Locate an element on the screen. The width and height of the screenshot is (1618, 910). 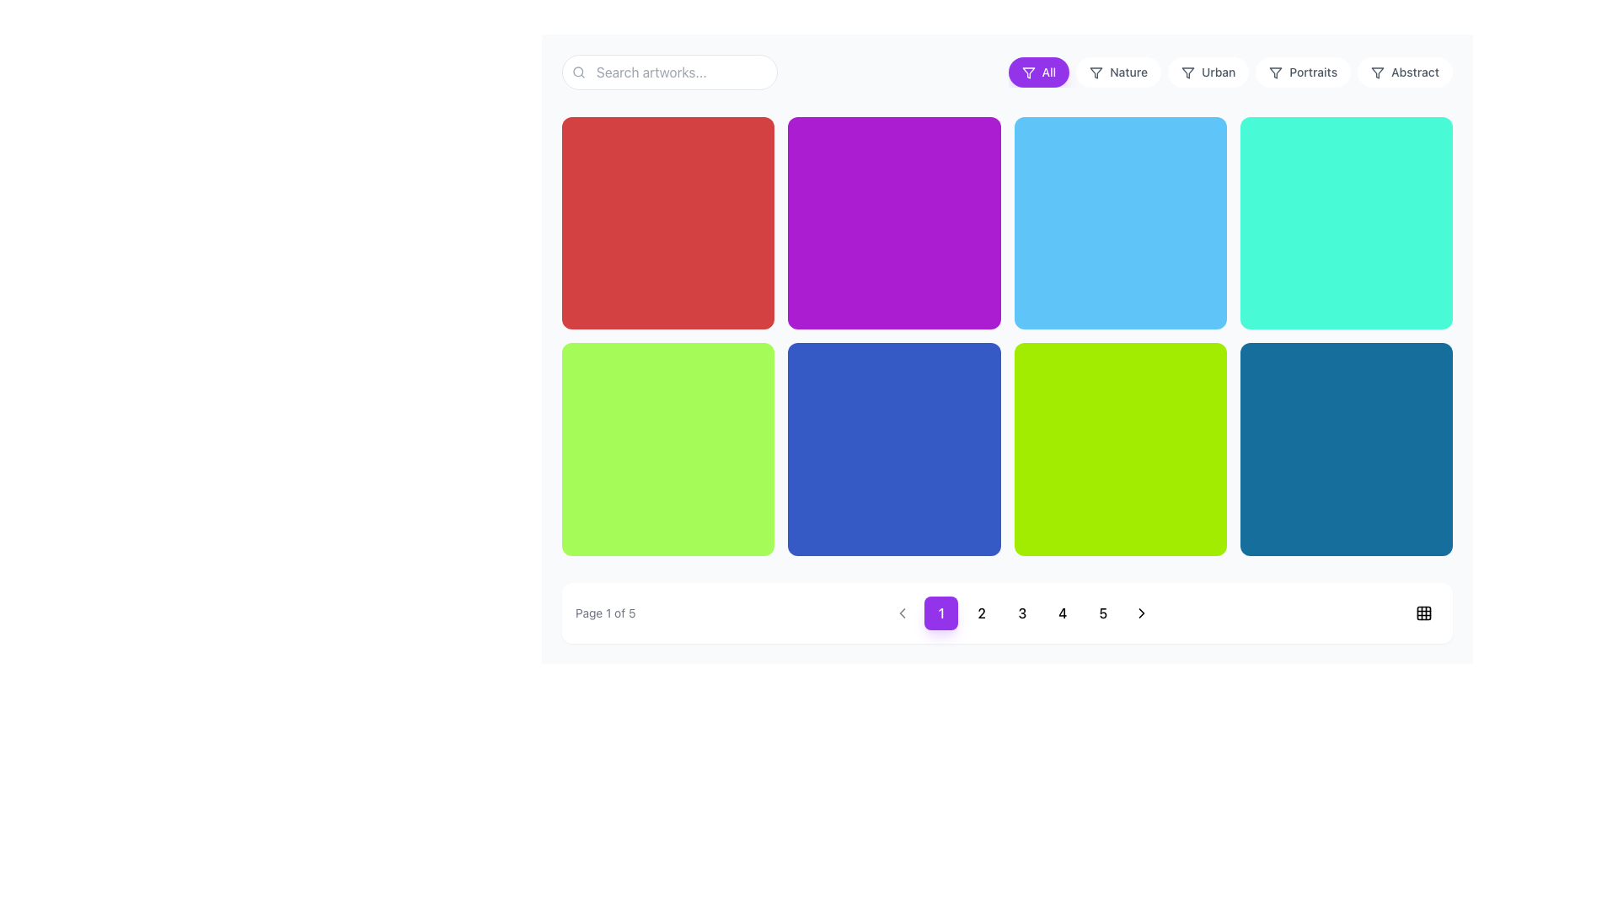
the pagination button labeled '3' is located at coordinates (1021, 613).